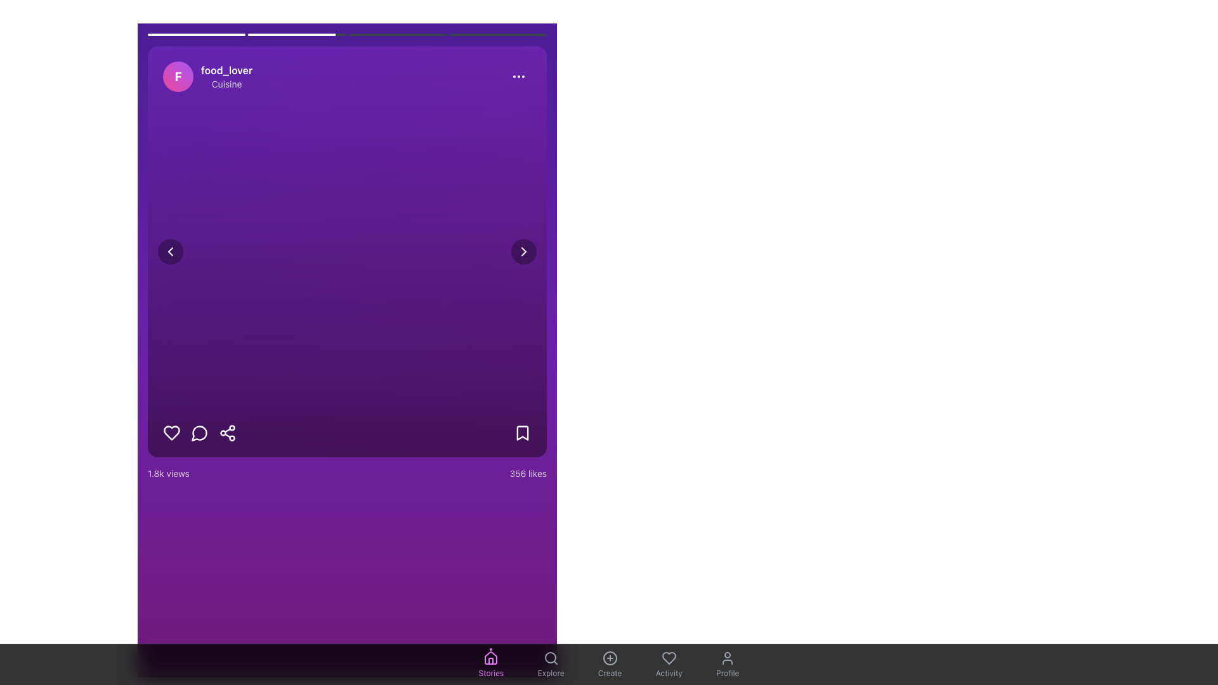  What do you see at coordinates (171, 432) in the screenshot?
I see `the heart button, which is the first icon in a set of three located near the bottom-left corner of the content view, to like the content` at bounding box center [171, 432].